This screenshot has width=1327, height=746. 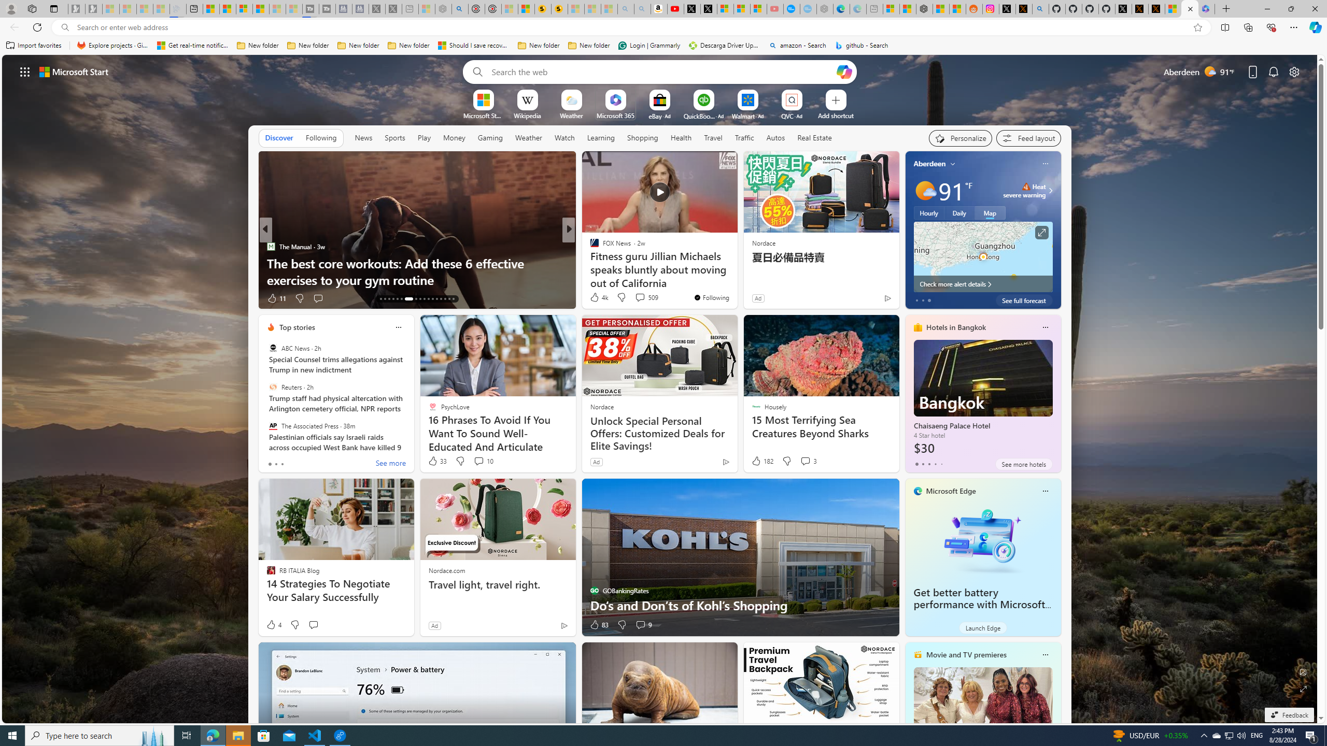 What do you see at coordinates (245, 8) in the screenshot?
I see `'Overview'` at bounding box center [245, 8].